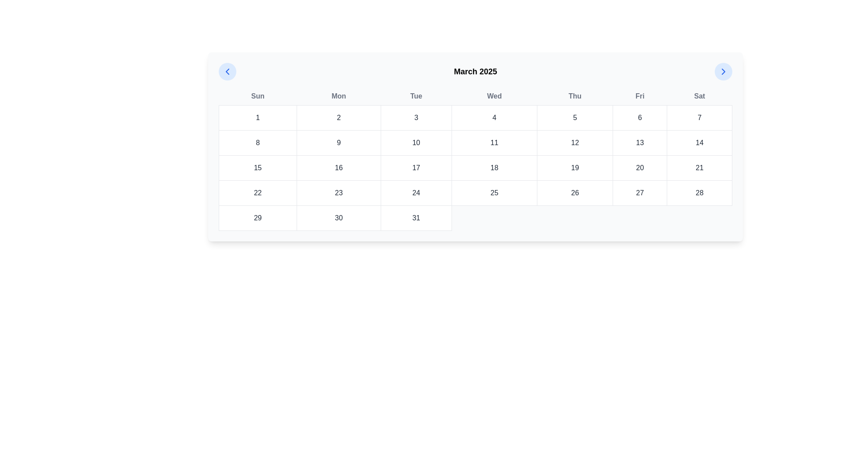  What do you see at coordinates (575, 96) in the screenshot?
I see `the text label displaying 'Thu' in gray on a white background, located in the header section of the calendar layout` at bounding box center [575, 96].